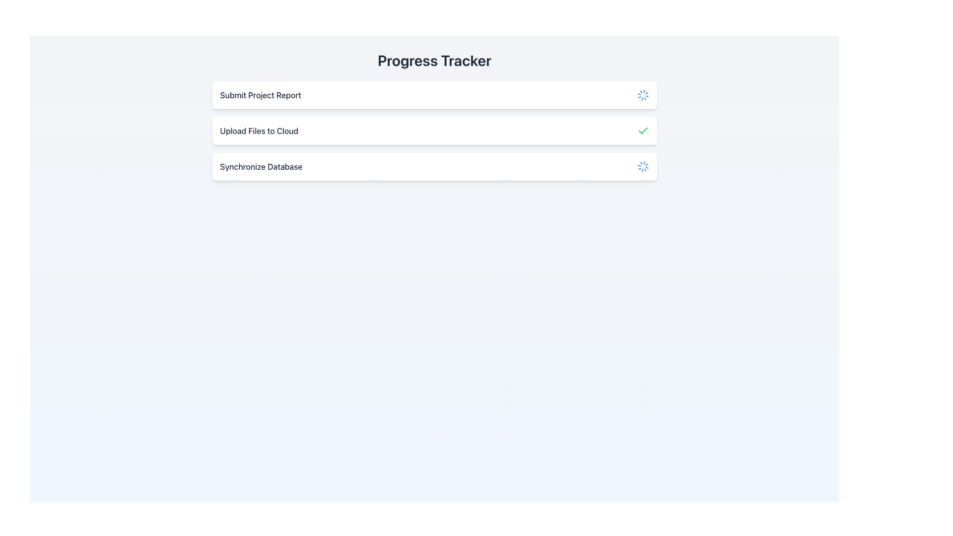 The width and height of the screenshot is (953, 536). What do you see at coordinates (259, 130) in the screenshot?
I see `the text element indicating the task or category in the 'Progress Tracker' list, which is the second item in a vertical arrangement` at bounding box center [259, 130].